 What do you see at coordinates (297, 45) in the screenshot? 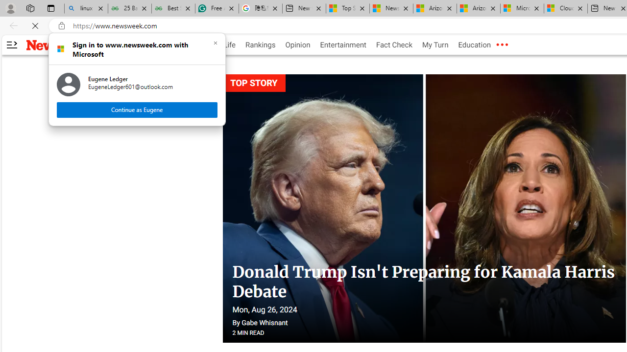
I see `'Opinion'` at bounding box center [297, 45].